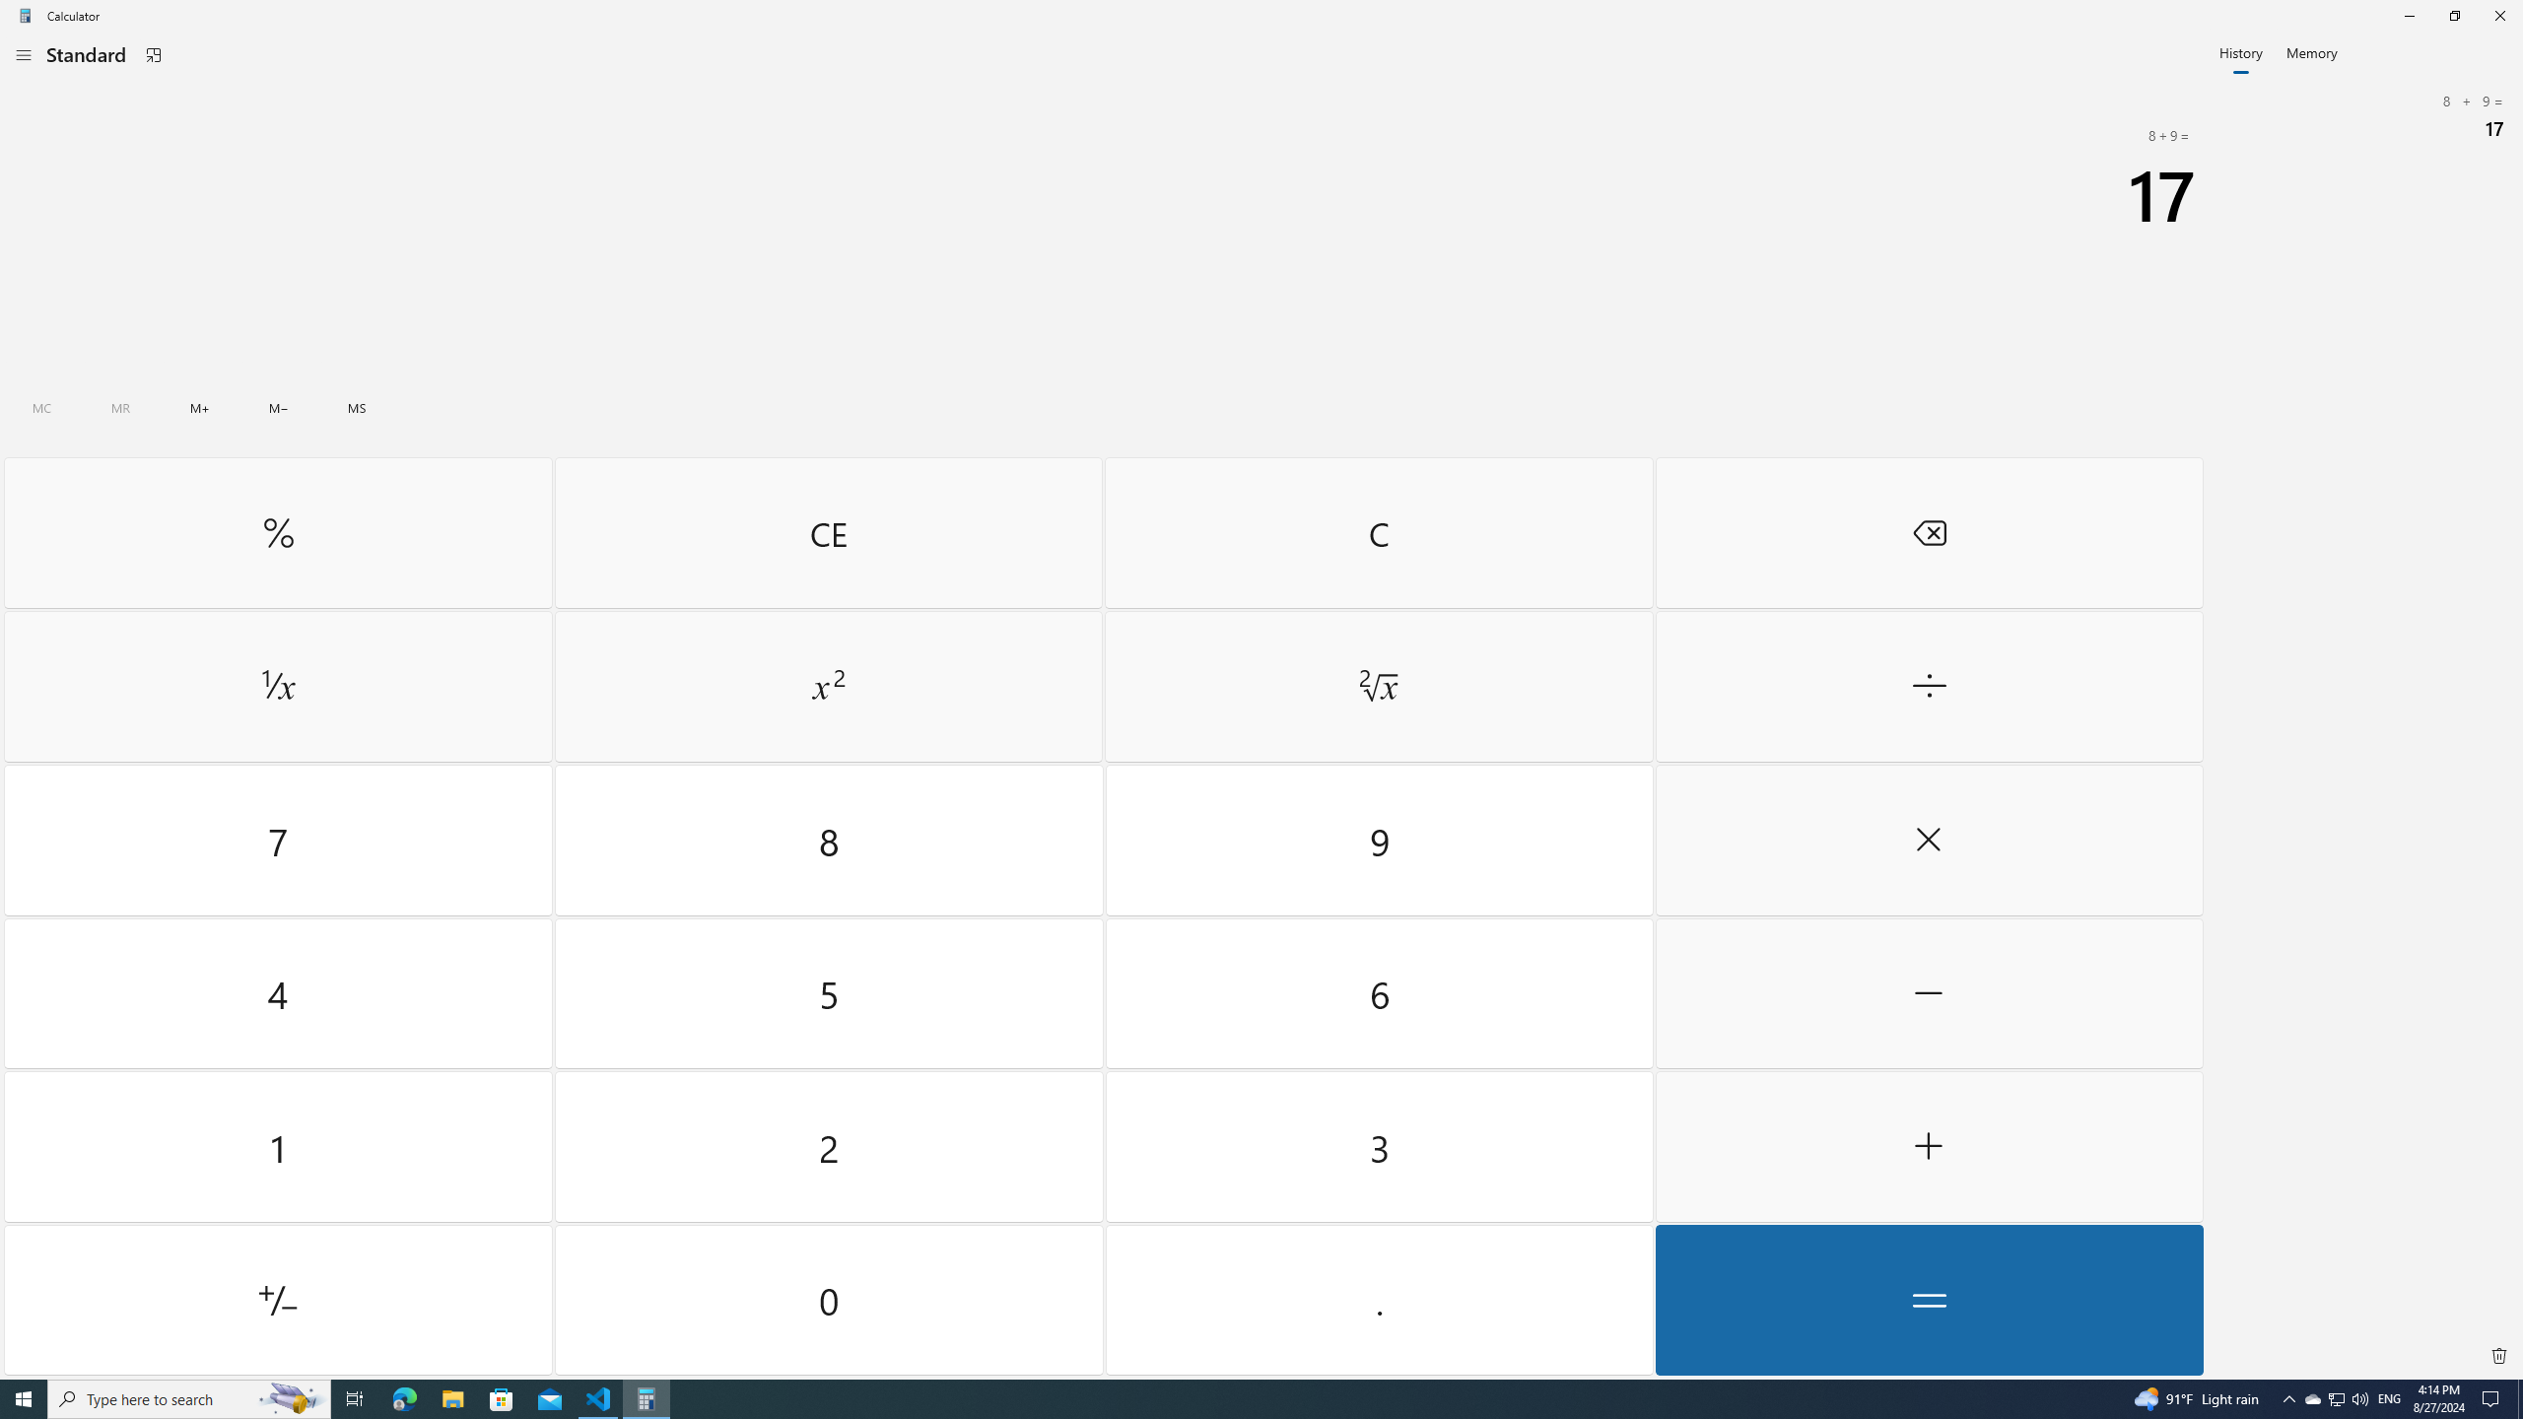 This screenshot has height=1419, width=2523. What do you see at coordinates (451, 1397) in the screenshot?
I see `'File Explorer'` at bounding box center [451, 1397].